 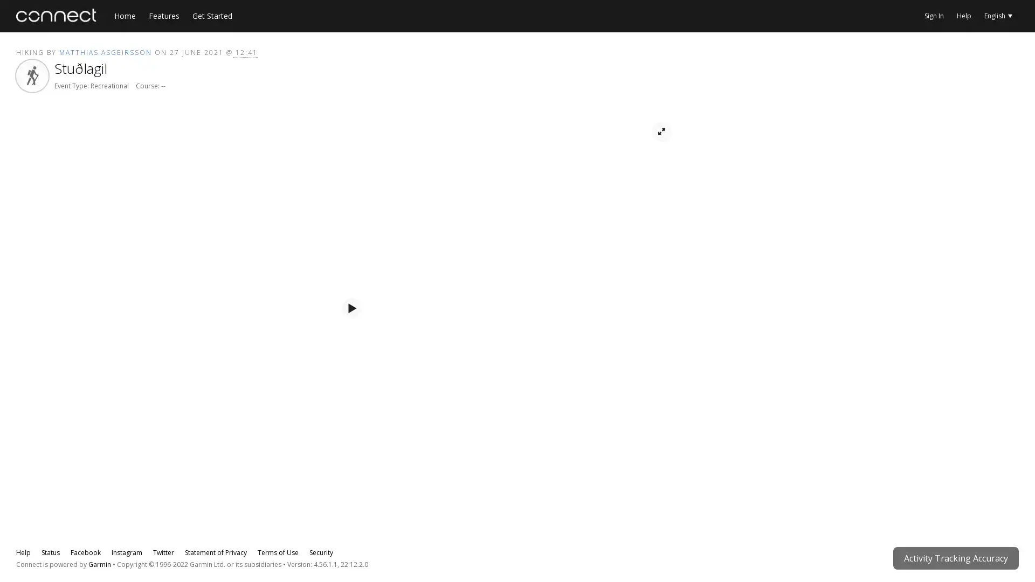 I want to click on Play, so click(x=351, y=337).